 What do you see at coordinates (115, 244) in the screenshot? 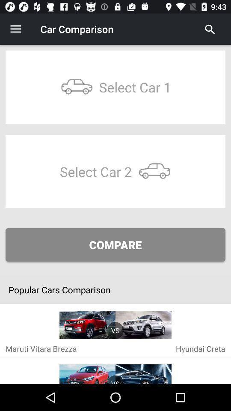
I see `compare item` at bounding box center [115, 244].